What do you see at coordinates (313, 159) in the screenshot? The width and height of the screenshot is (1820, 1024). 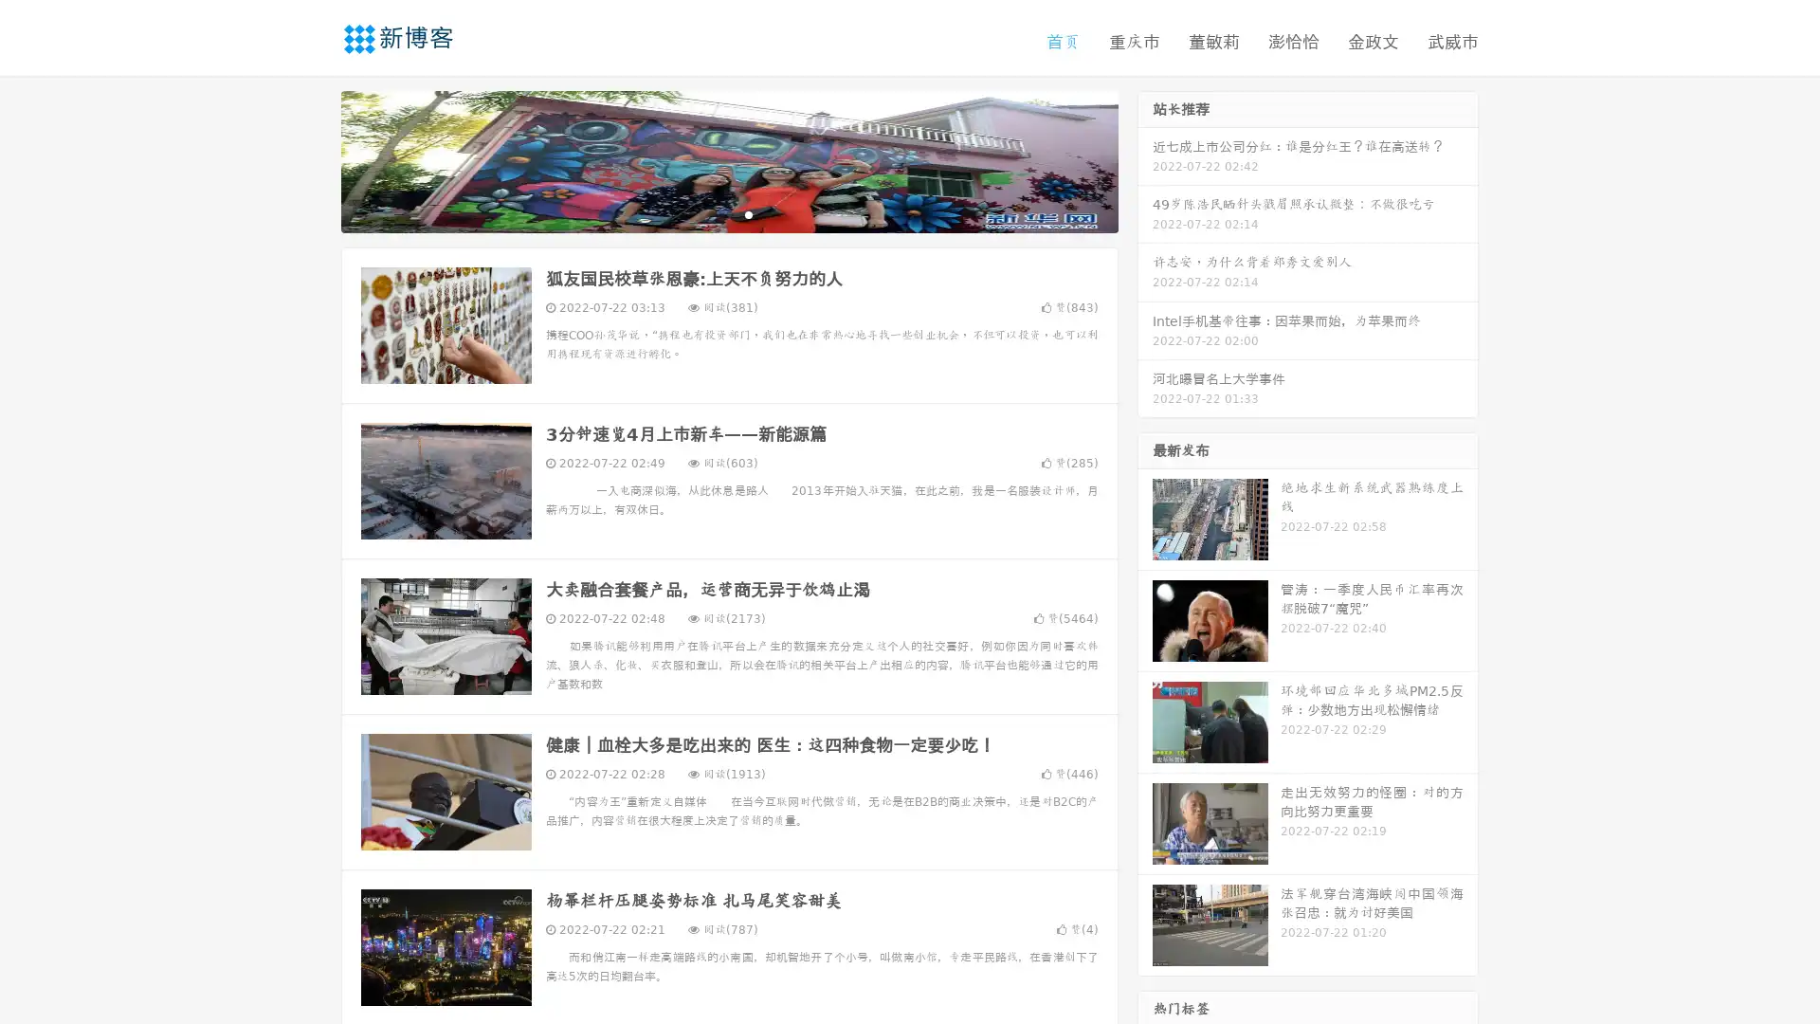 I see `Previous slide` at bounding box center [313, 159].